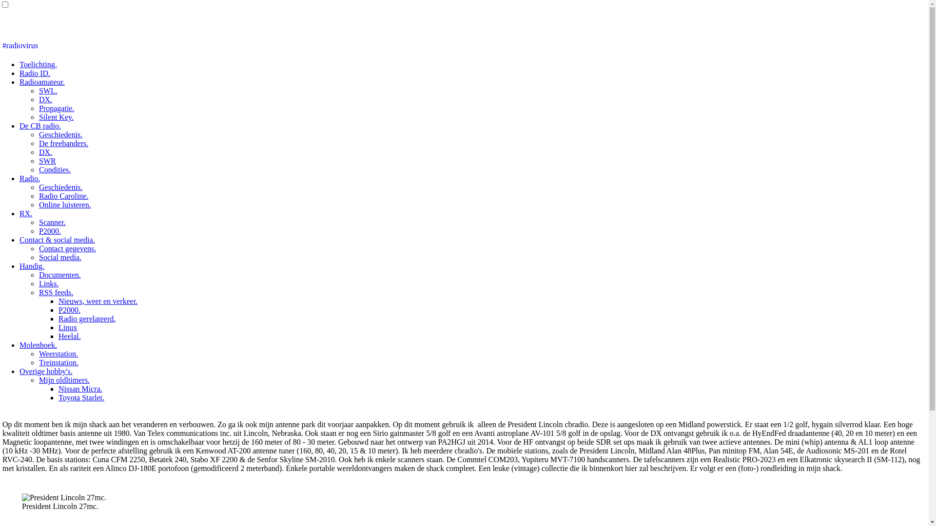  Describe the element at coordinates (57, 240) in the screenshot. I see `'Contact & social media.'` at that location.